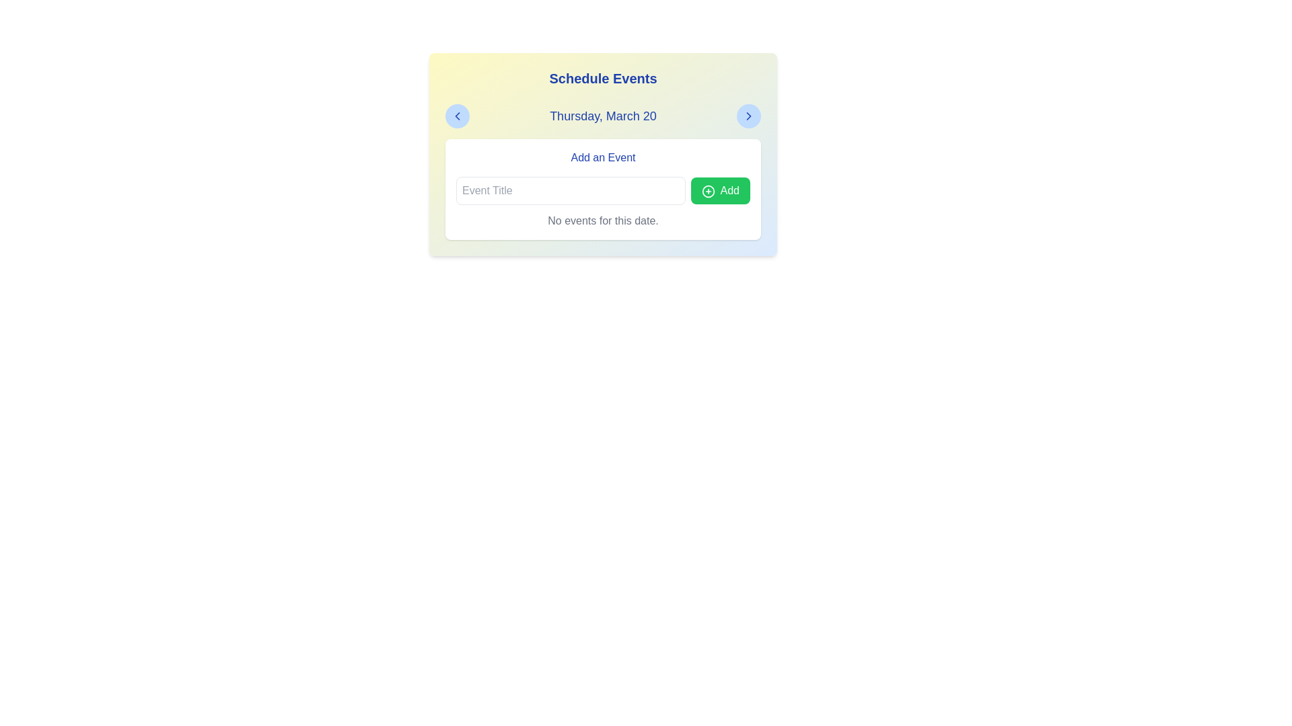 This screenshot has height=726, width=1292. Describe the element at coordinates (602, 220) in the screenshot. I see `the status message text label indicating no scheduled events, located below the 'Add' button` at that location.